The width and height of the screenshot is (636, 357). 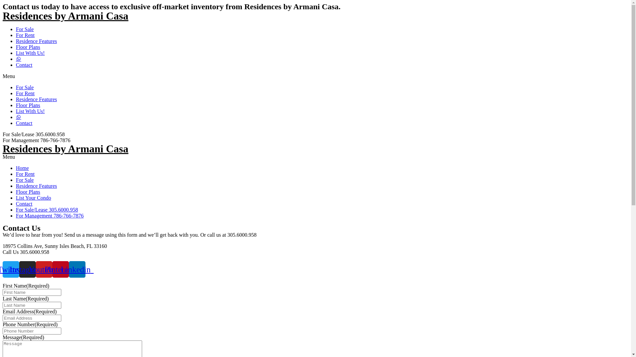 I want to click on 'For Rent', so click(x=25, y=35).